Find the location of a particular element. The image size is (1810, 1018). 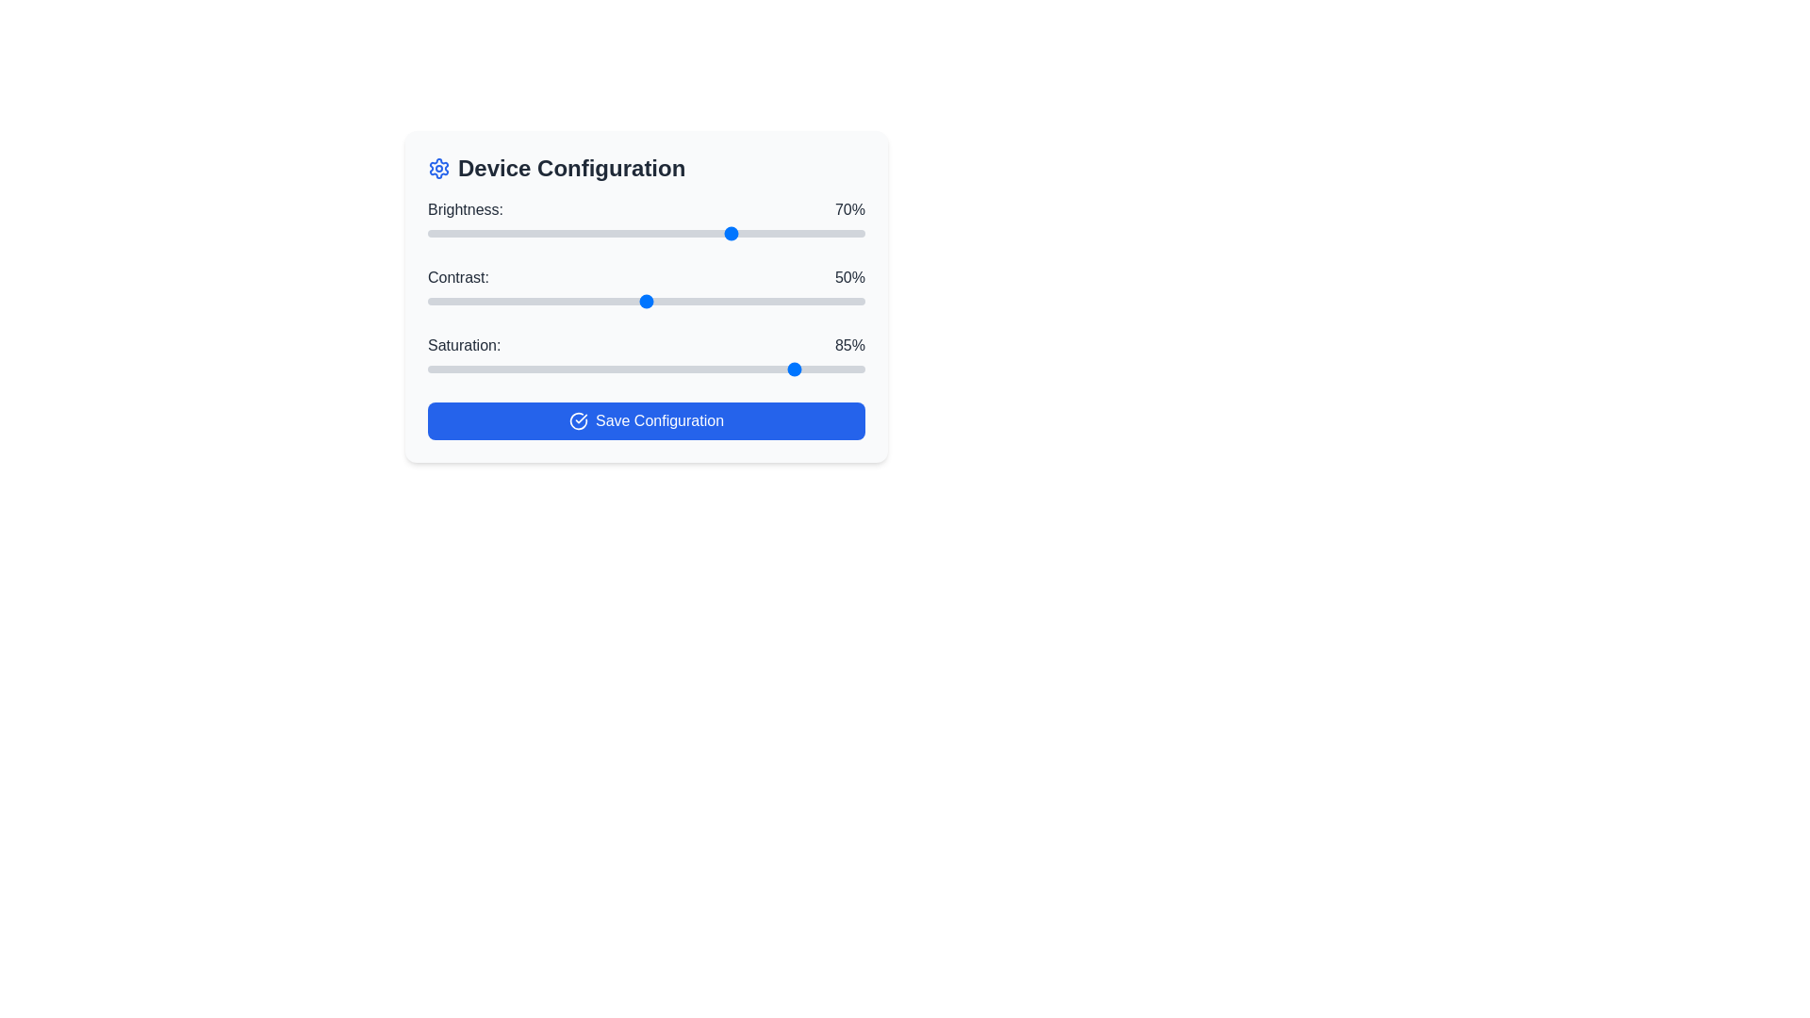

the contrast is located at coordinates (493, 301).